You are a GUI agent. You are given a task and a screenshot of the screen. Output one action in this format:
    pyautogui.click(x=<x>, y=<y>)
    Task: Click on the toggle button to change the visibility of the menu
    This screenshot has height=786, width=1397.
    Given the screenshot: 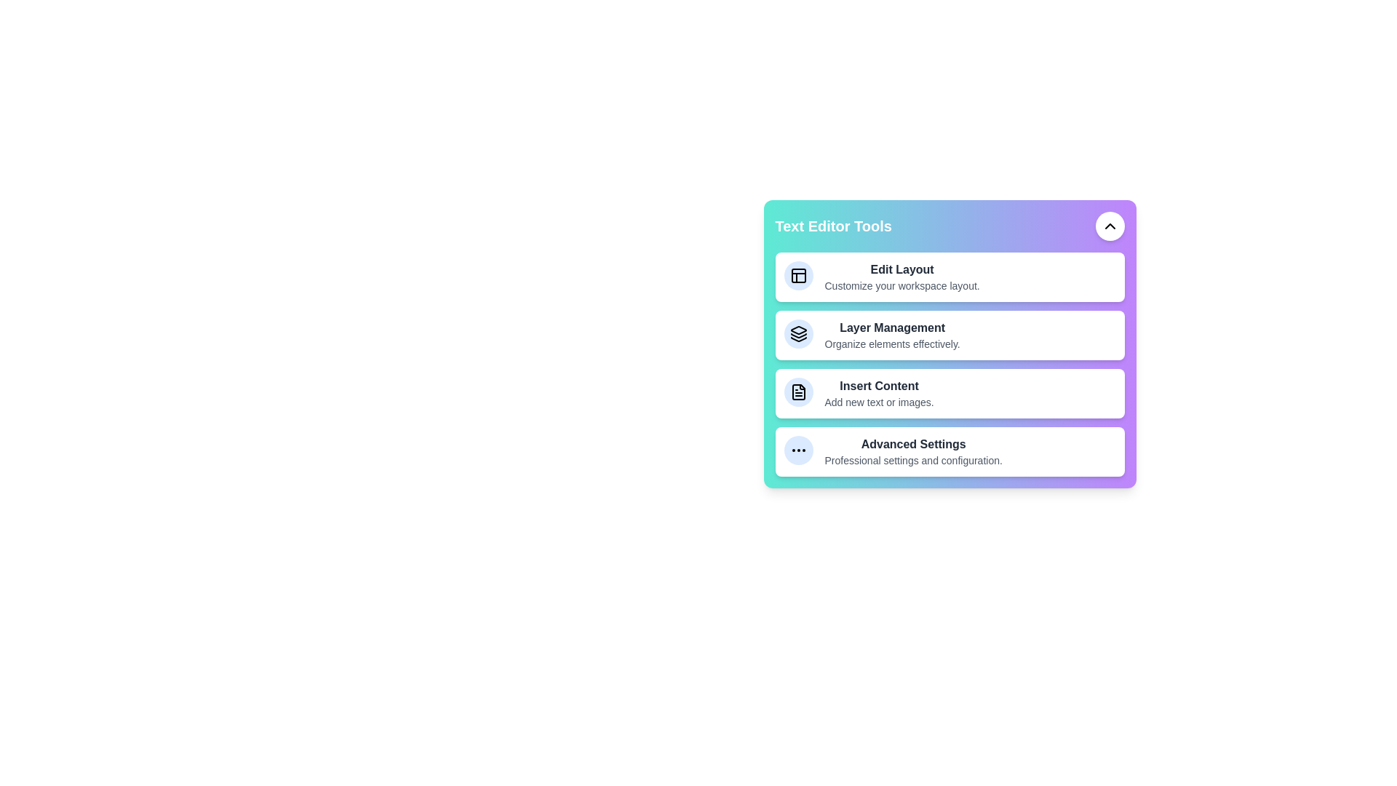 What is the action you would take?
    pyautogui.click(x=1109, y=226)
    